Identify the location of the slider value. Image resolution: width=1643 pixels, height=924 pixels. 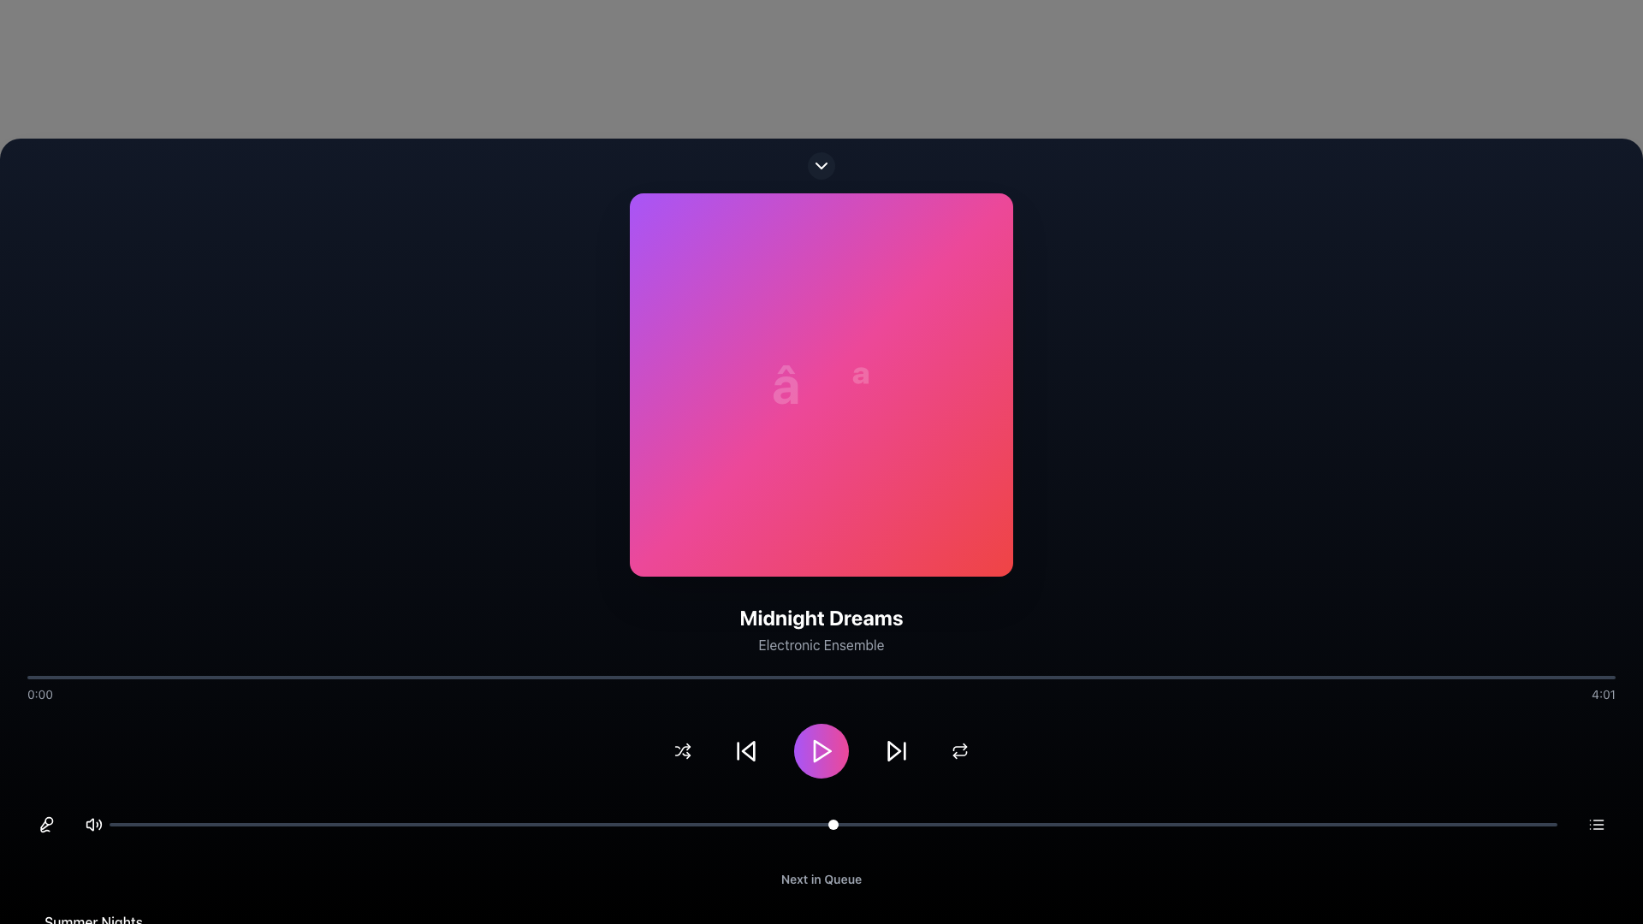
(210, 824).